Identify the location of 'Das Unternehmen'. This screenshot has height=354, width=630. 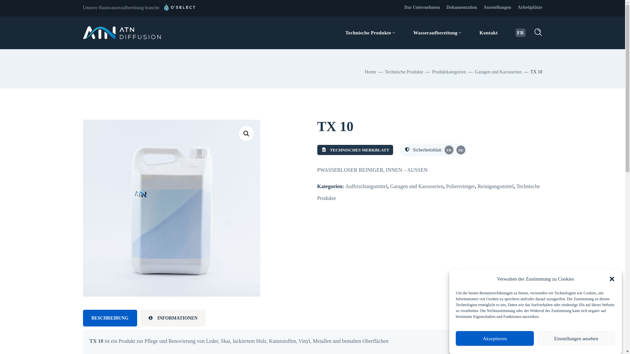
(422, 7).